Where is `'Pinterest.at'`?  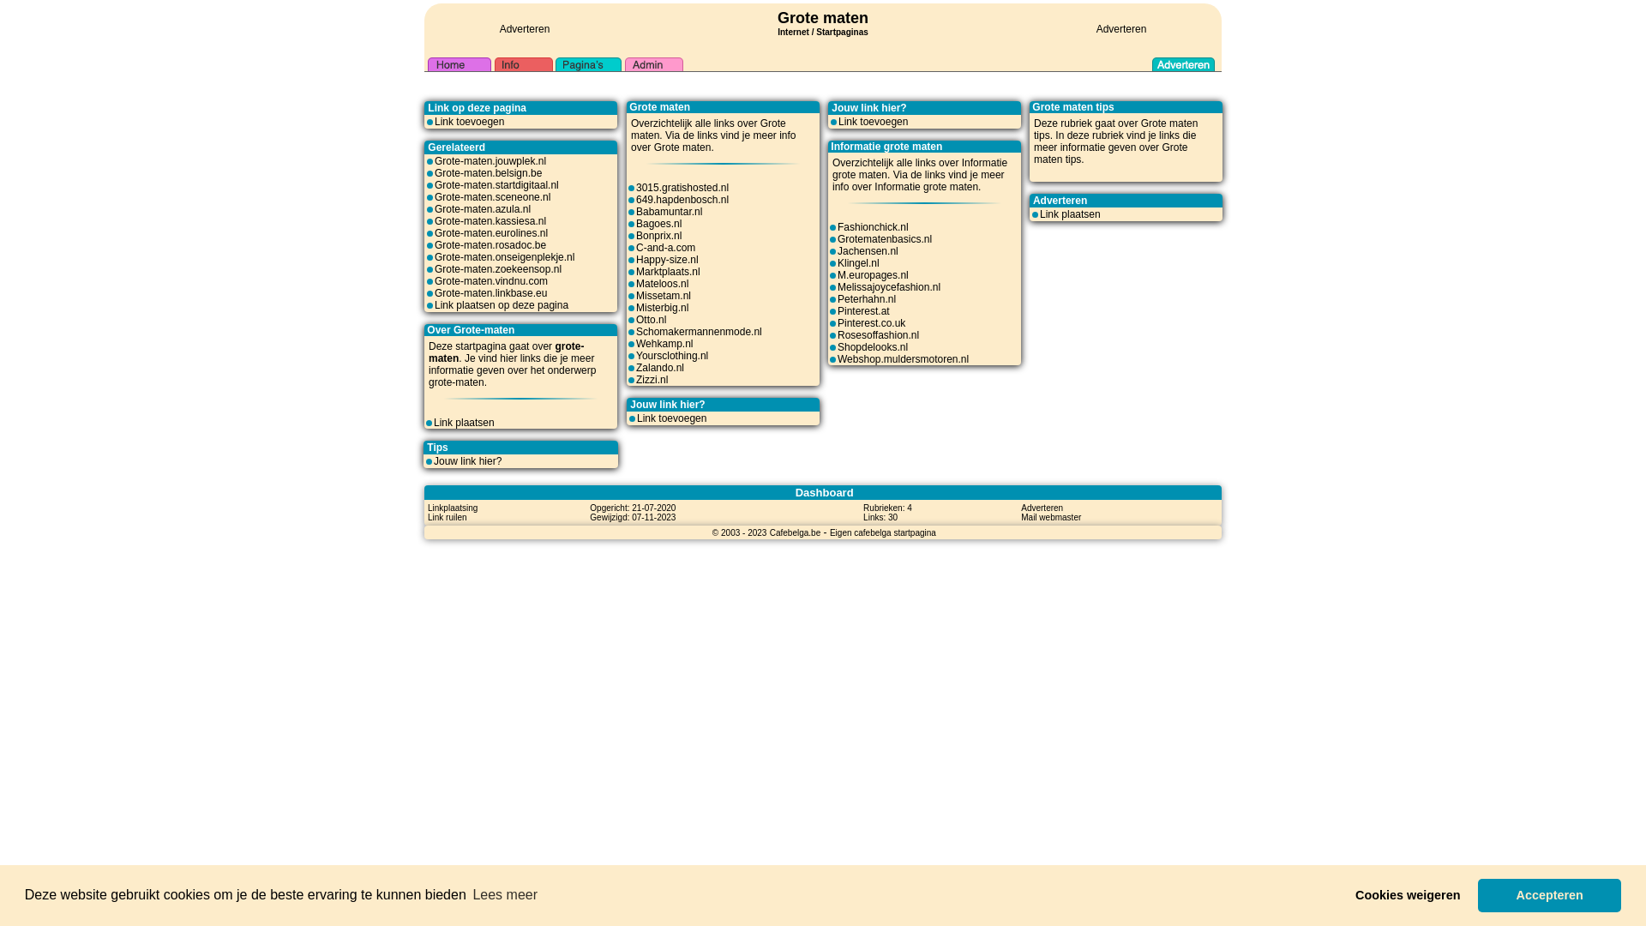
'Pinterest.at' is located at coordinates (863, 310).